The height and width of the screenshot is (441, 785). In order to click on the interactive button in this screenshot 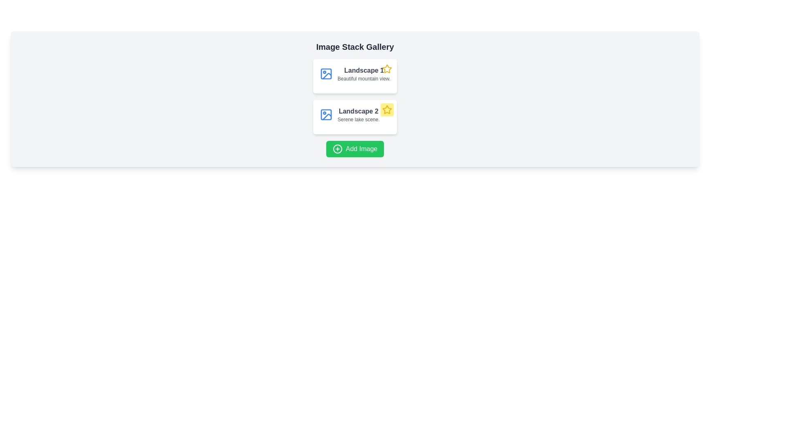, I will do `click(386, 69)`.